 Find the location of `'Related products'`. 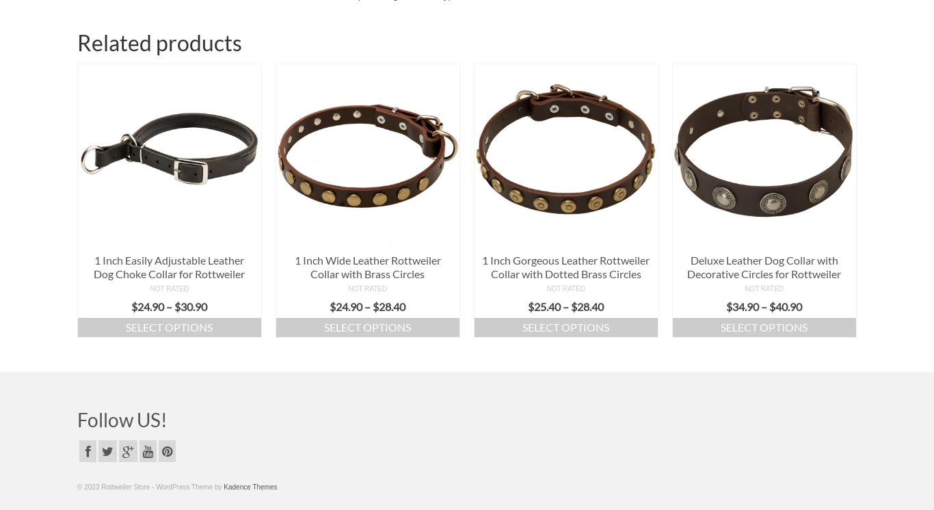

'Related products' is located at coordinates (159, 41).